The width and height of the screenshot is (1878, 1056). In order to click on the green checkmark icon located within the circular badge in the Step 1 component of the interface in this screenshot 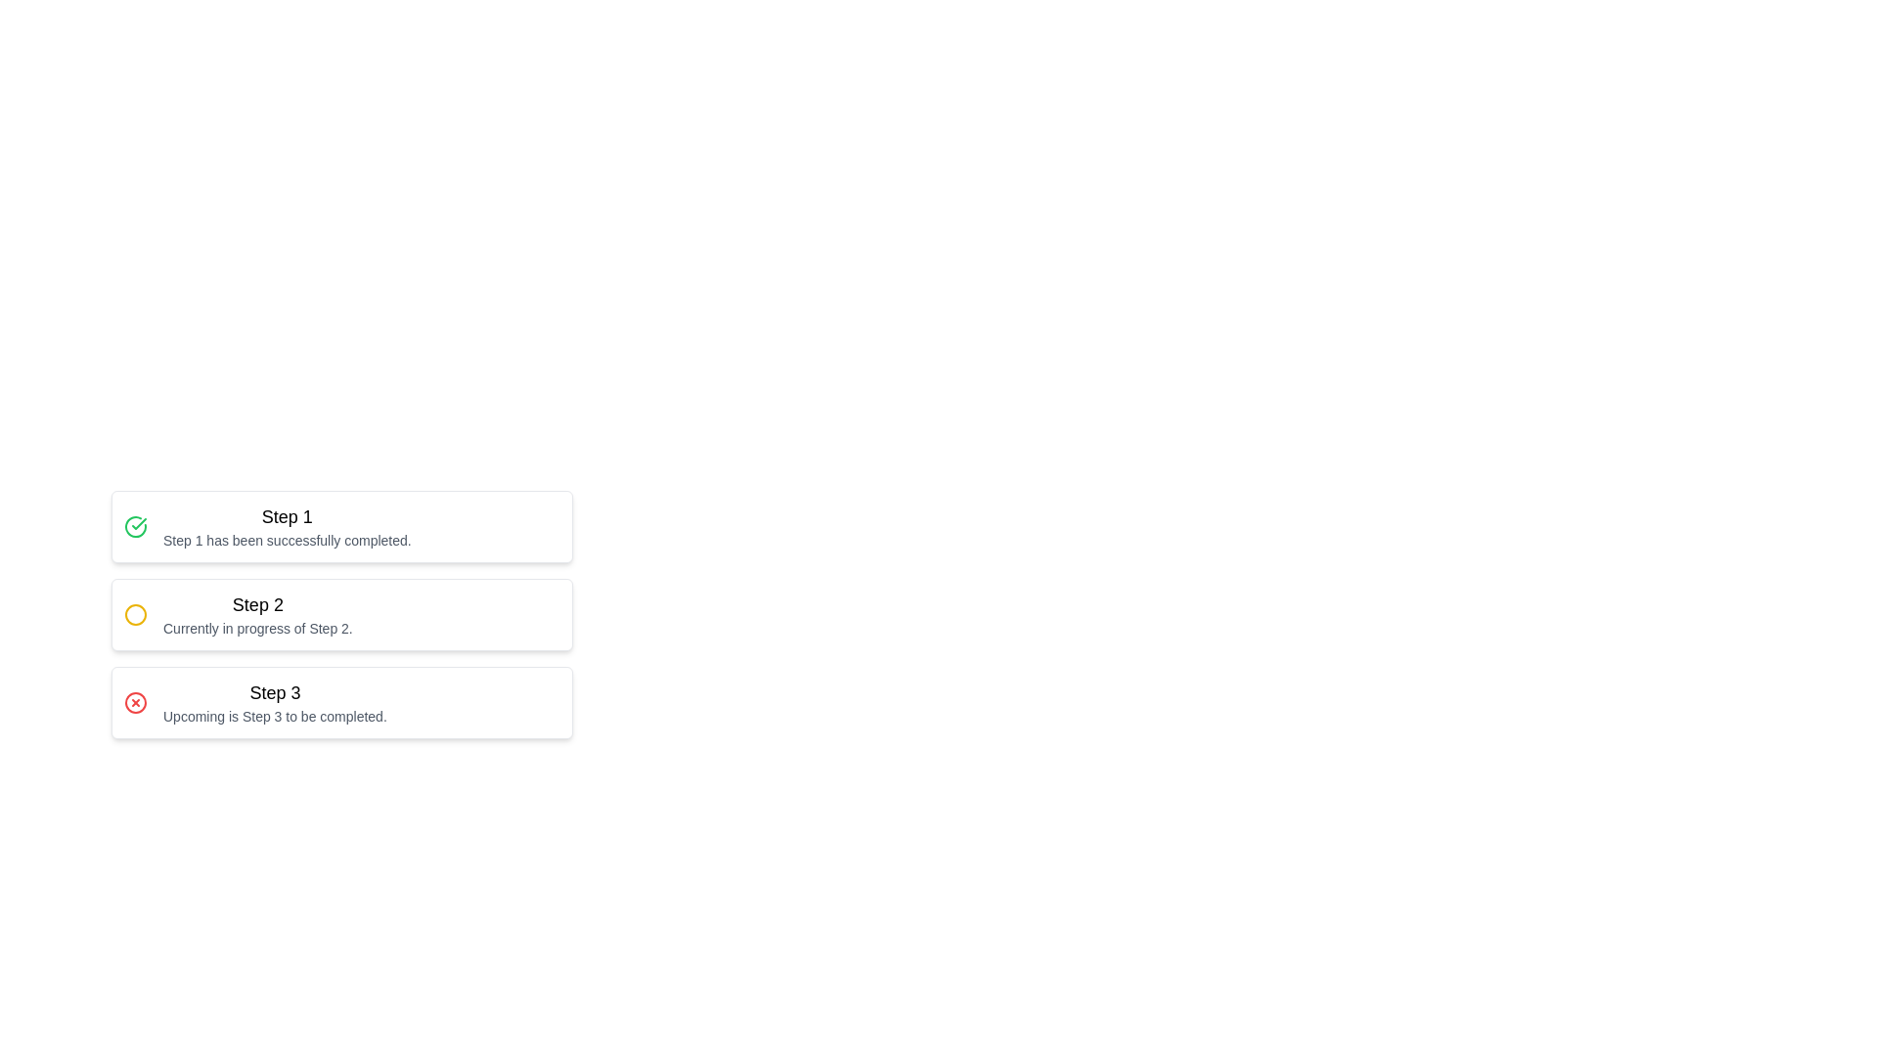, I will do `click(138, 523)`.